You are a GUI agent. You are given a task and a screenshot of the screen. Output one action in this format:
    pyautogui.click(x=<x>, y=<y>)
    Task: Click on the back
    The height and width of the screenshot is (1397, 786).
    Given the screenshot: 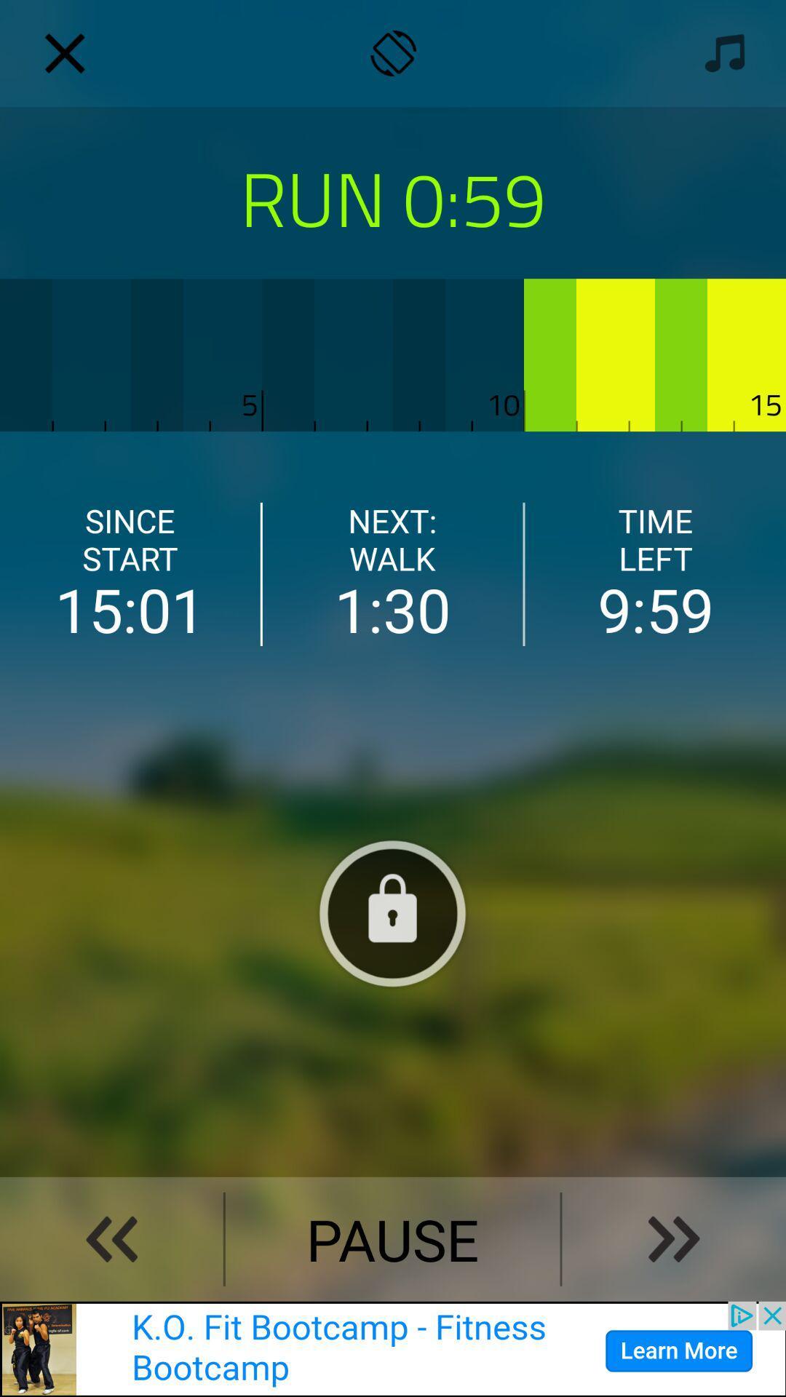 What is the action you would take?
    pyautogui.click(x=111, y=1238)
    